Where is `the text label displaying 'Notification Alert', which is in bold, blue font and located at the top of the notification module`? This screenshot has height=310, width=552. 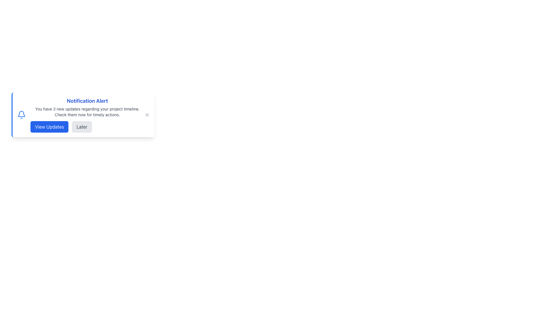 the text label displaying 'Notification Alert', which is in bold, blue font and located at the top of the notification module is located at coordinates (87, 100).